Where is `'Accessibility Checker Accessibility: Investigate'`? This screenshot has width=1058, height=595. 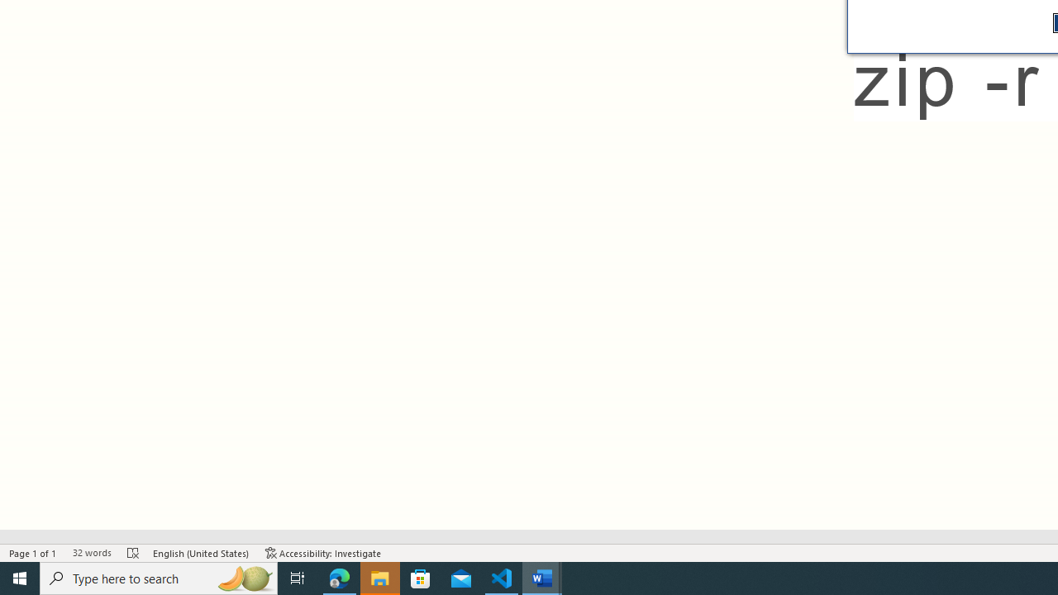
'Accessibility Checker Accessibility: Investigate' is located at coordinates (323, 553).